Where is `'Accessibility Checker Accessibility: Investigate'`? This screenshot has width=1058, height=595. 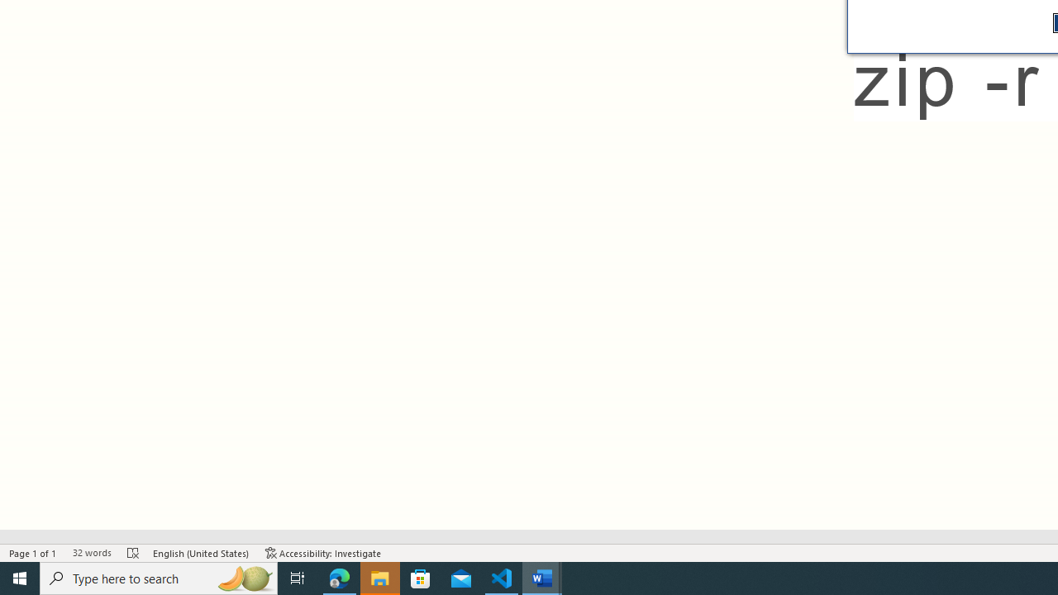
'Accessibility Checker Accessibility: Investigate' is located at coordinates (323, 553).